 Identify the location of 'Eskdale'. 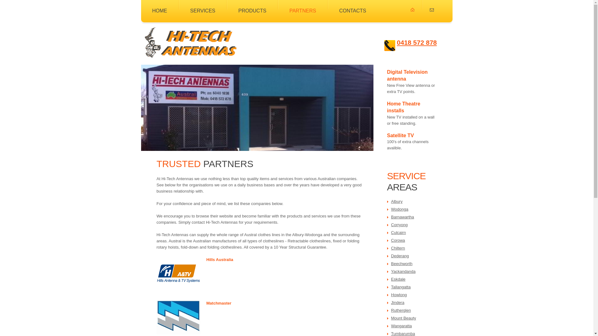
(398, 279).